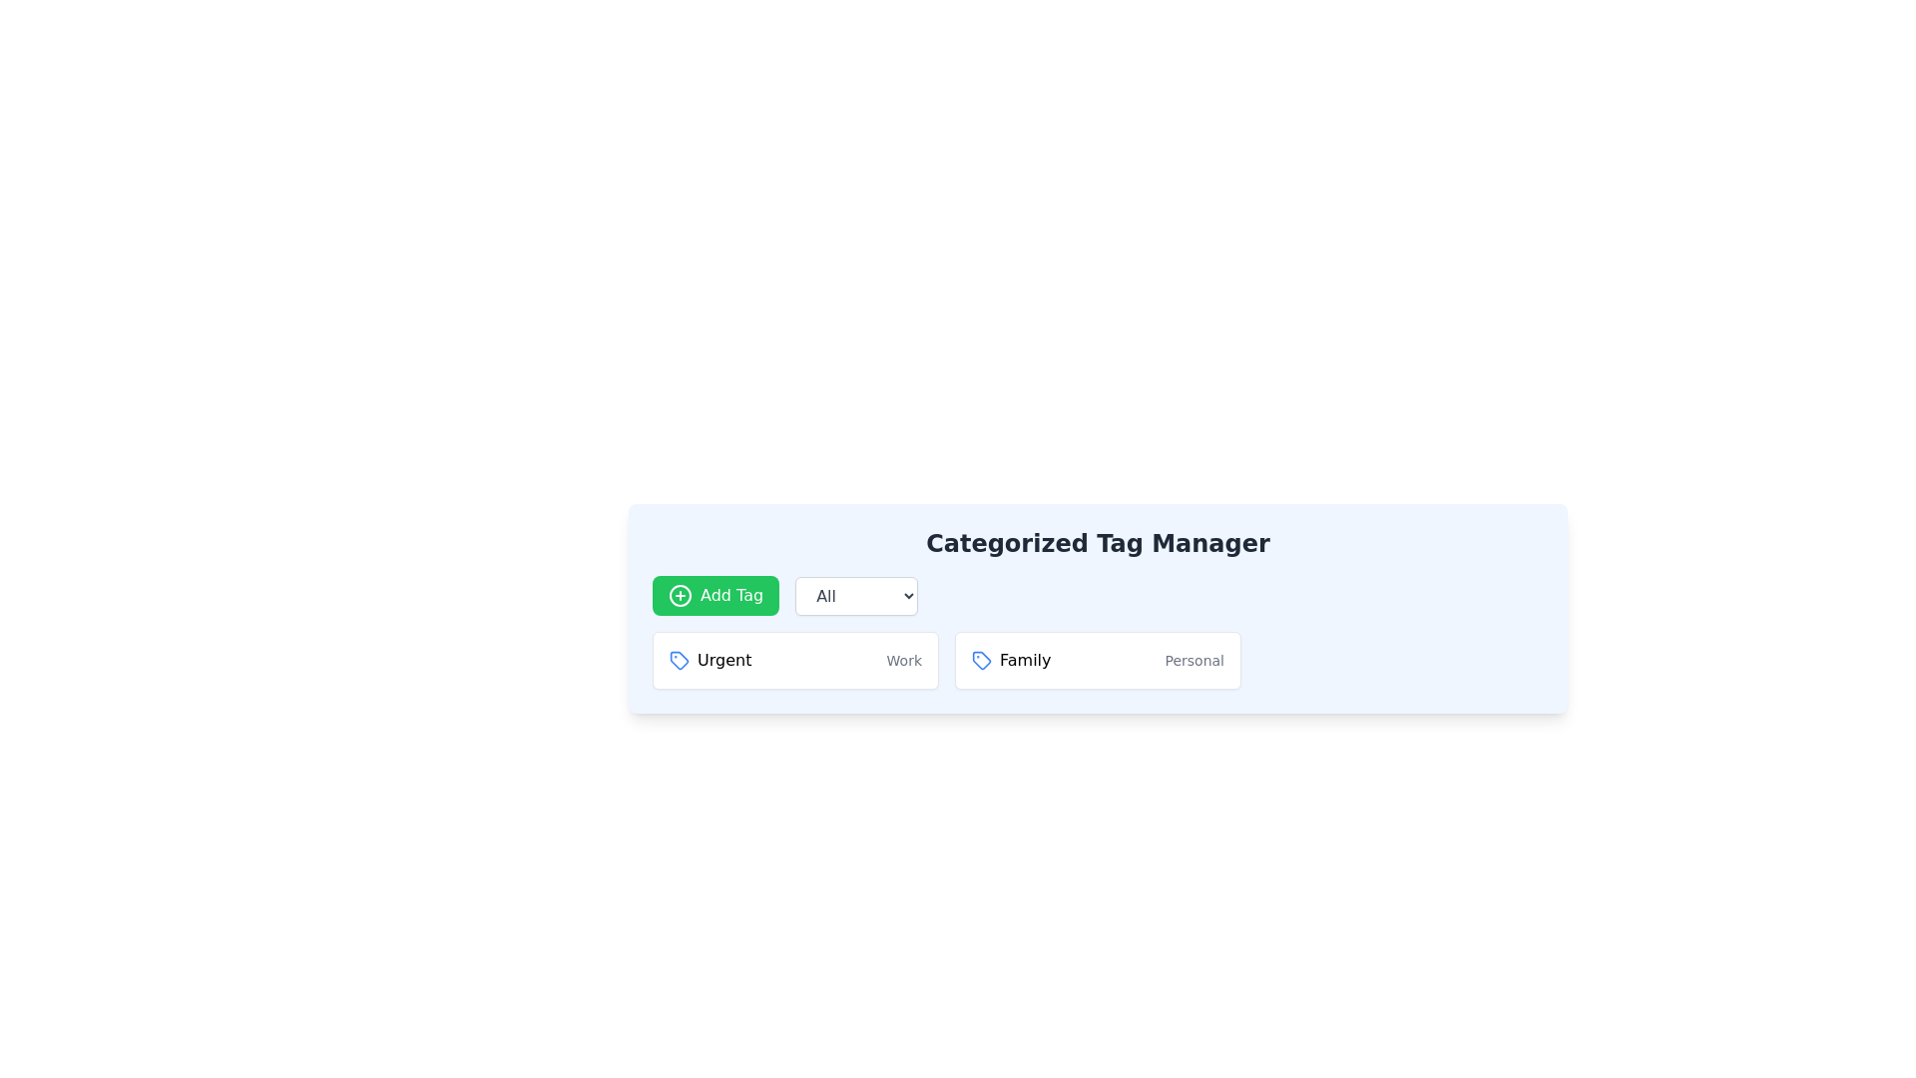 The width and height of the screenshot is (1916, 1078). I want to click on the 'Urgent' label, so click(711, 661).